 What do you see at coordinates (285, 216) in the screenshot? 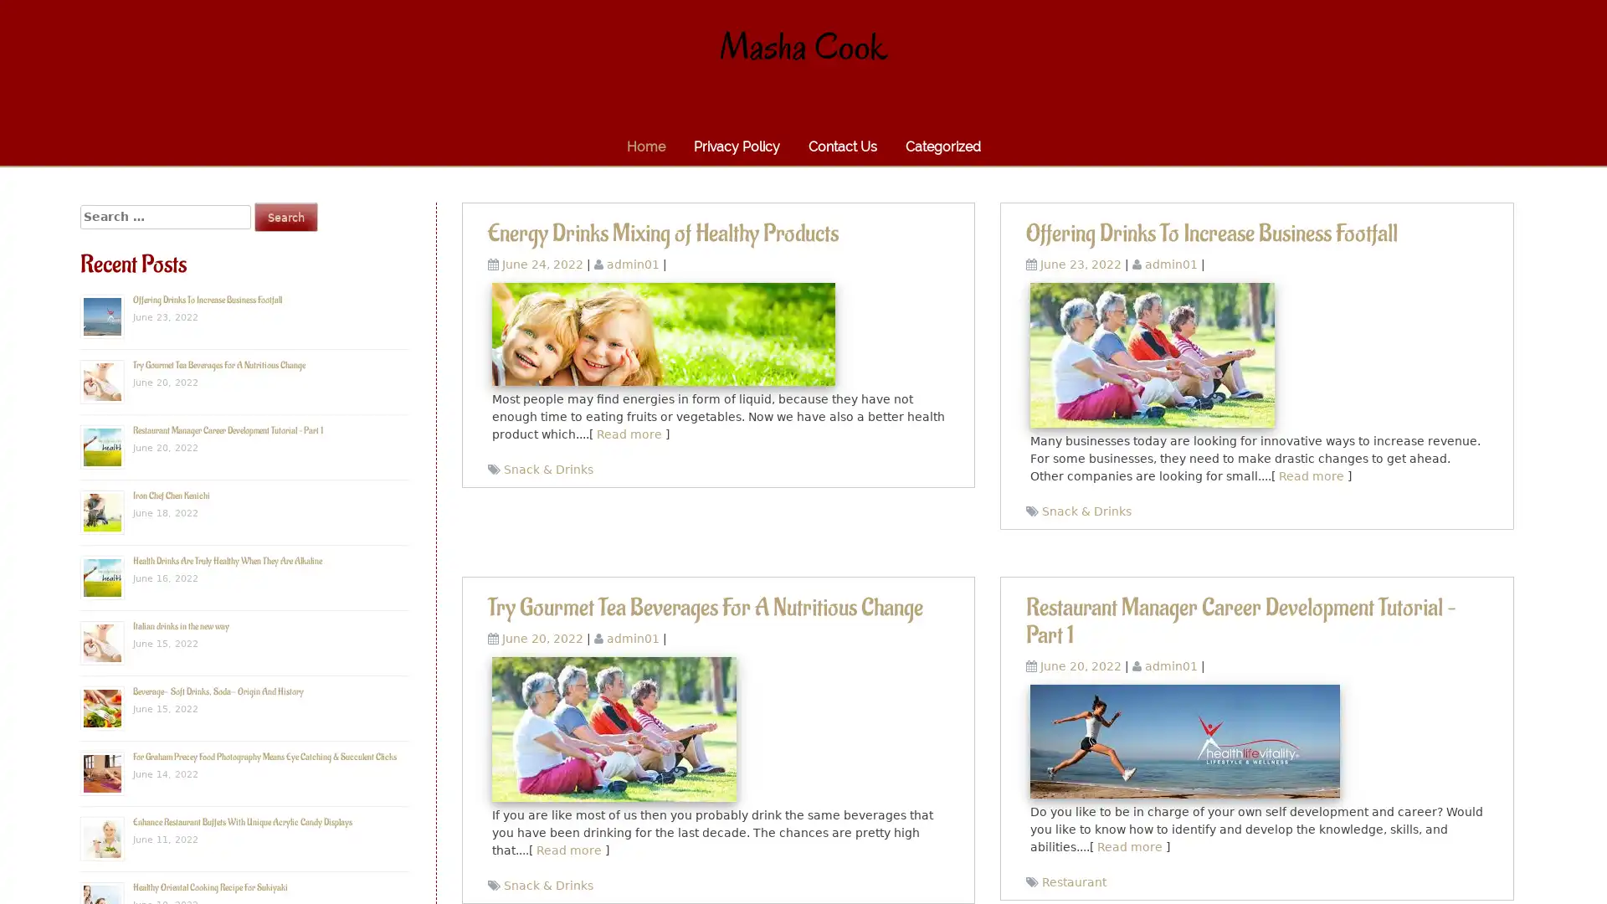
I see `Search` at bounding box center [285, 216].